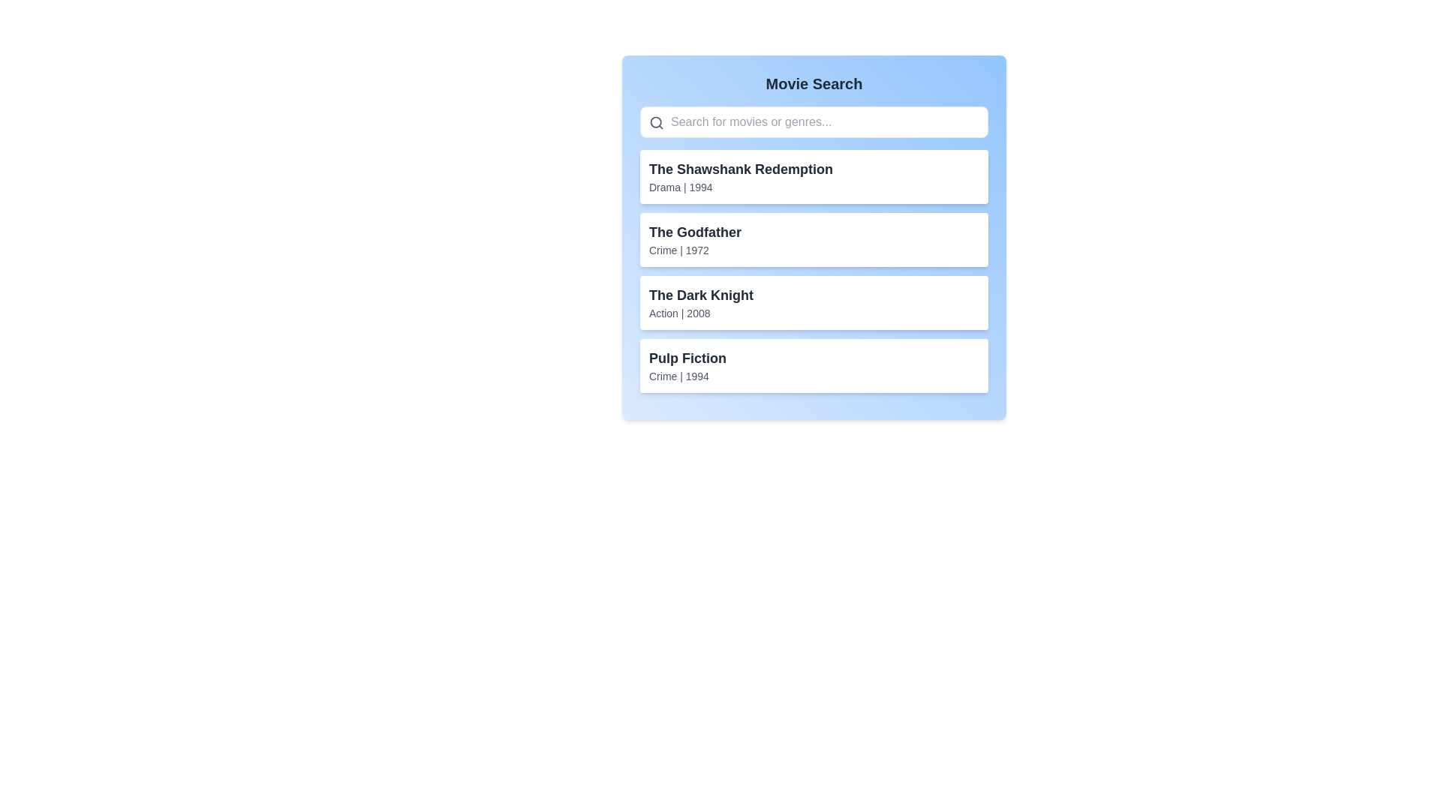 The height and width of the screenshot is (810, 1441). What do you see at coordinates (694, 239) in the screenshot?
I see `text of the movie title 'The Godfather' and subtitle 'Crime | 1972' from the text block positioned in the second row of movie entries, between 'The Shawshank Redemption' and 'The Dark Knight'` at bounding box center [694, 239].